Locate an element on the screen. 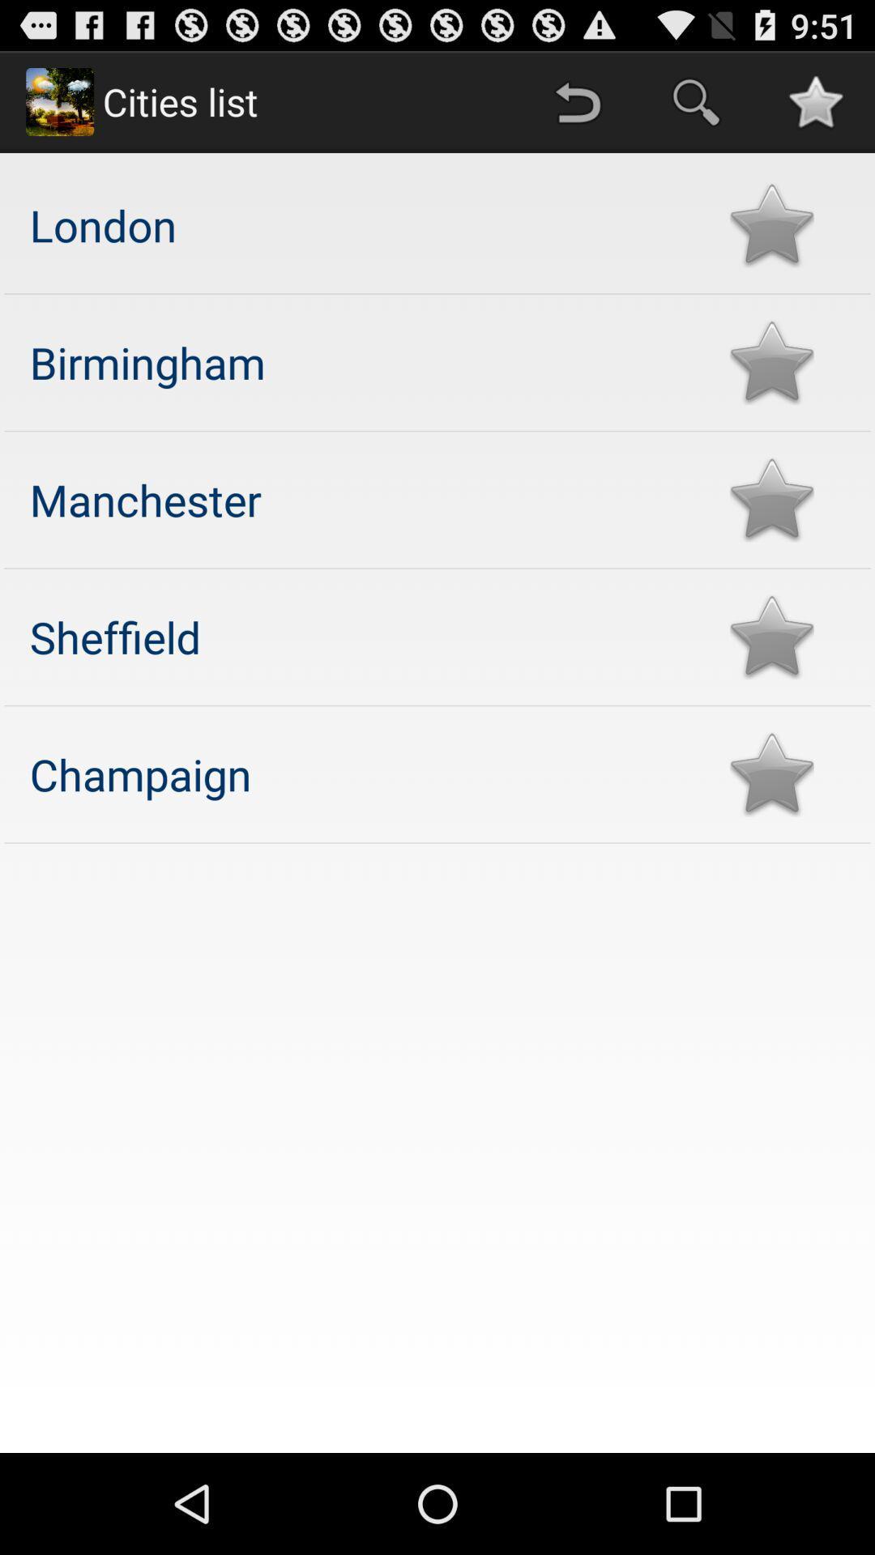 The image size is (875, 1555). the birmingham icon is located at coordinates (363, 361).